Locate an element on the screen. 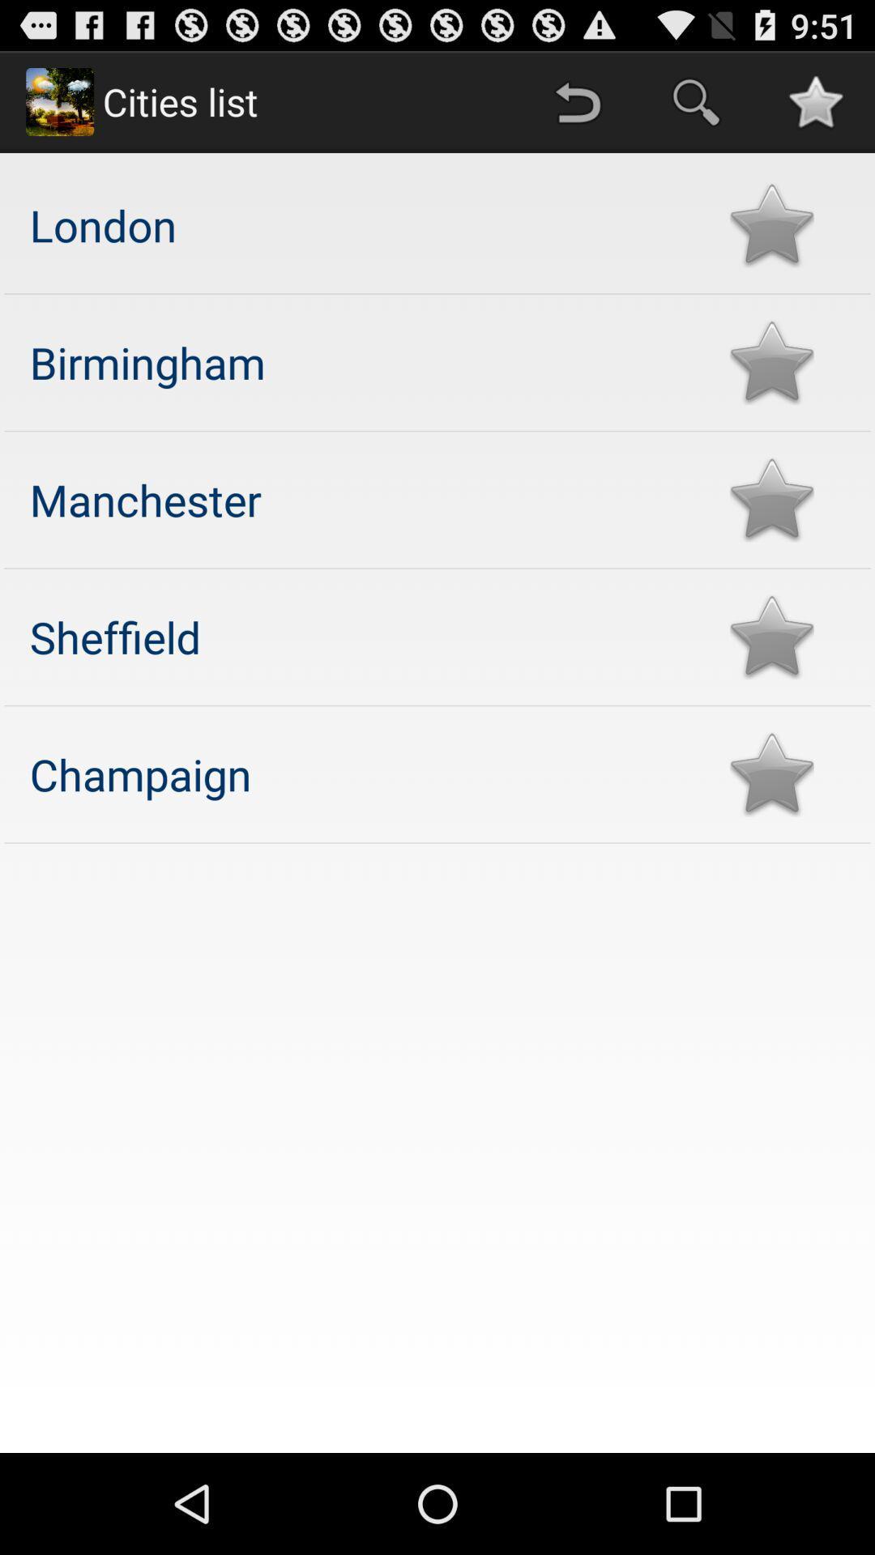 The image size is (875, 1555). the birmingham icon is located at coordinates (363, 361).